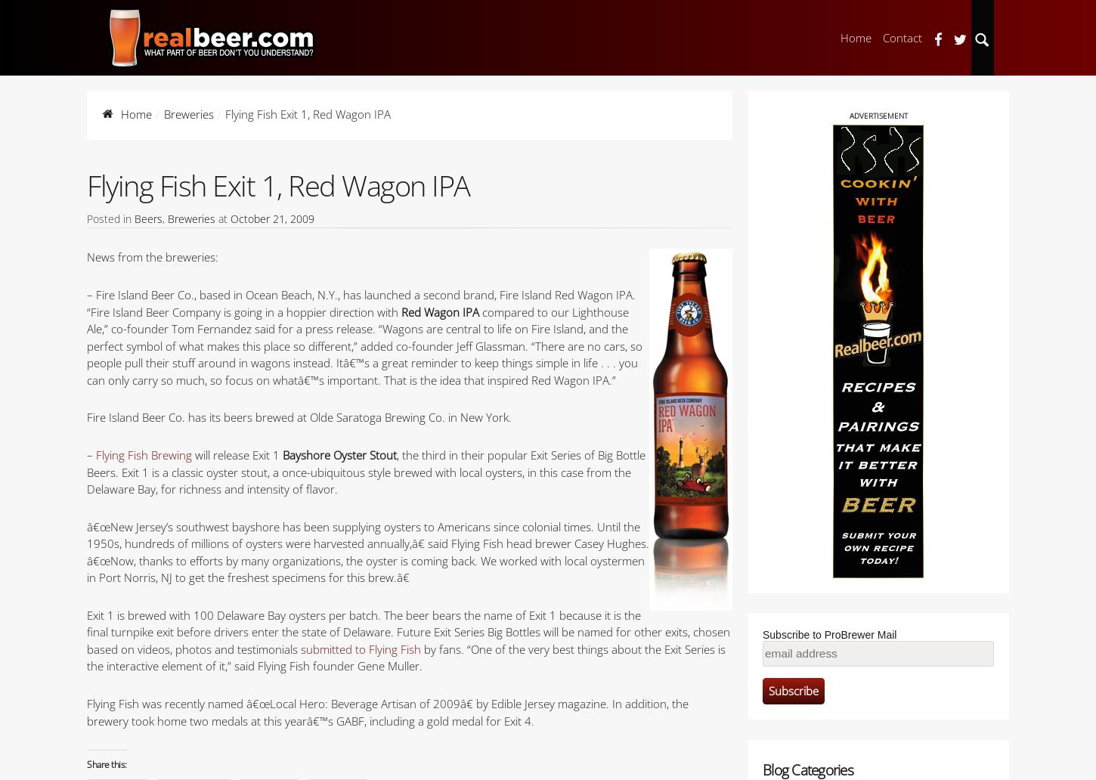  What do you see at coordinates (339, 454) in the screenshot?
I see `'Bayshore Oyster Stout'` at bounding box center [339, 454].